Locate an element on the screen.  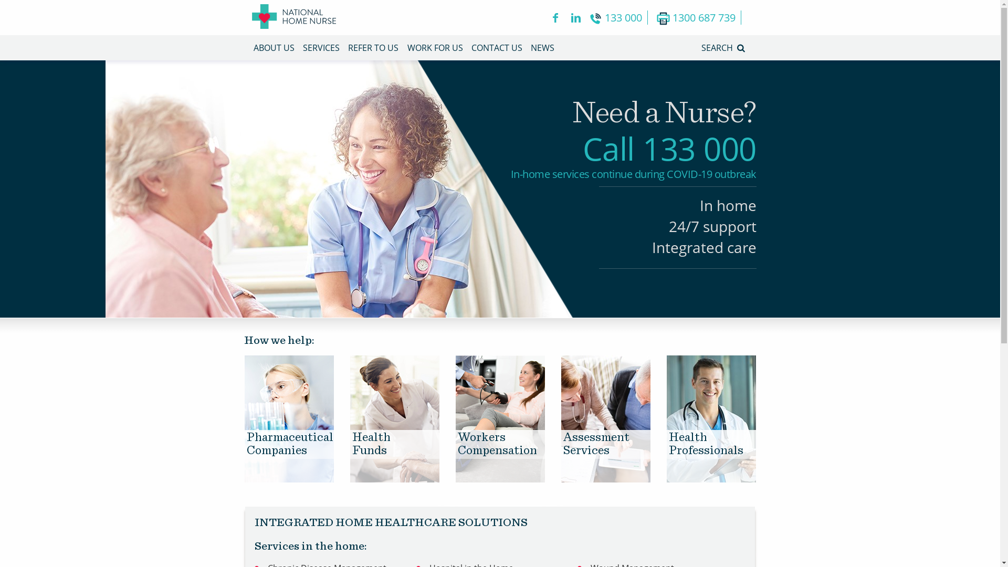
'1300 687 739' is located at coordinates (698, 17).